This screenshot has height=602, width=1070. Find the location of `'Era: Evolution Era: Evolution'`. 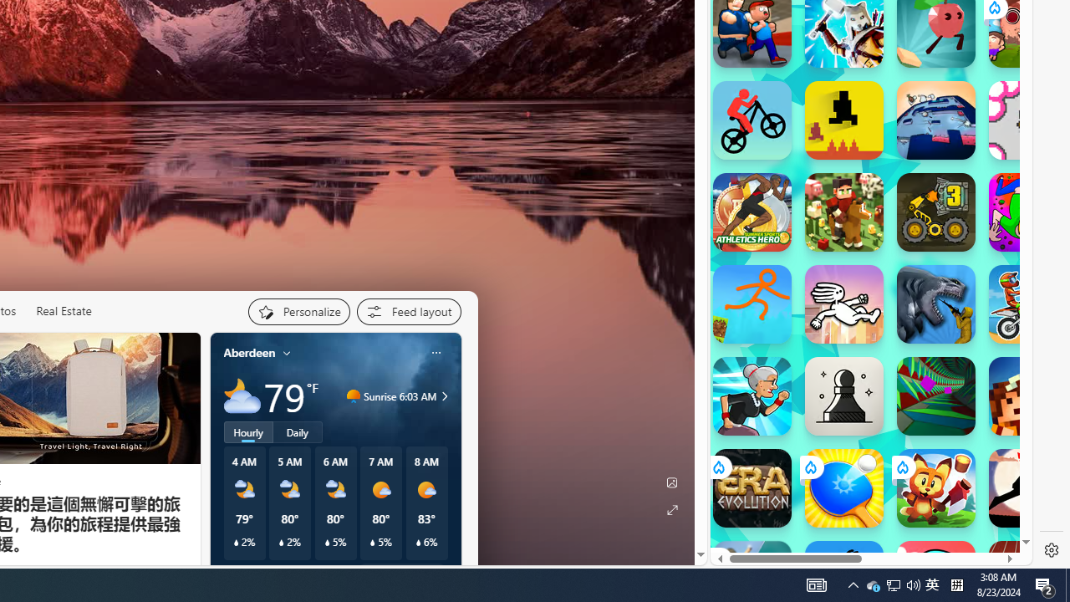

'Era: Evolution Era: Evolution' is located at coordinates (751, 487).